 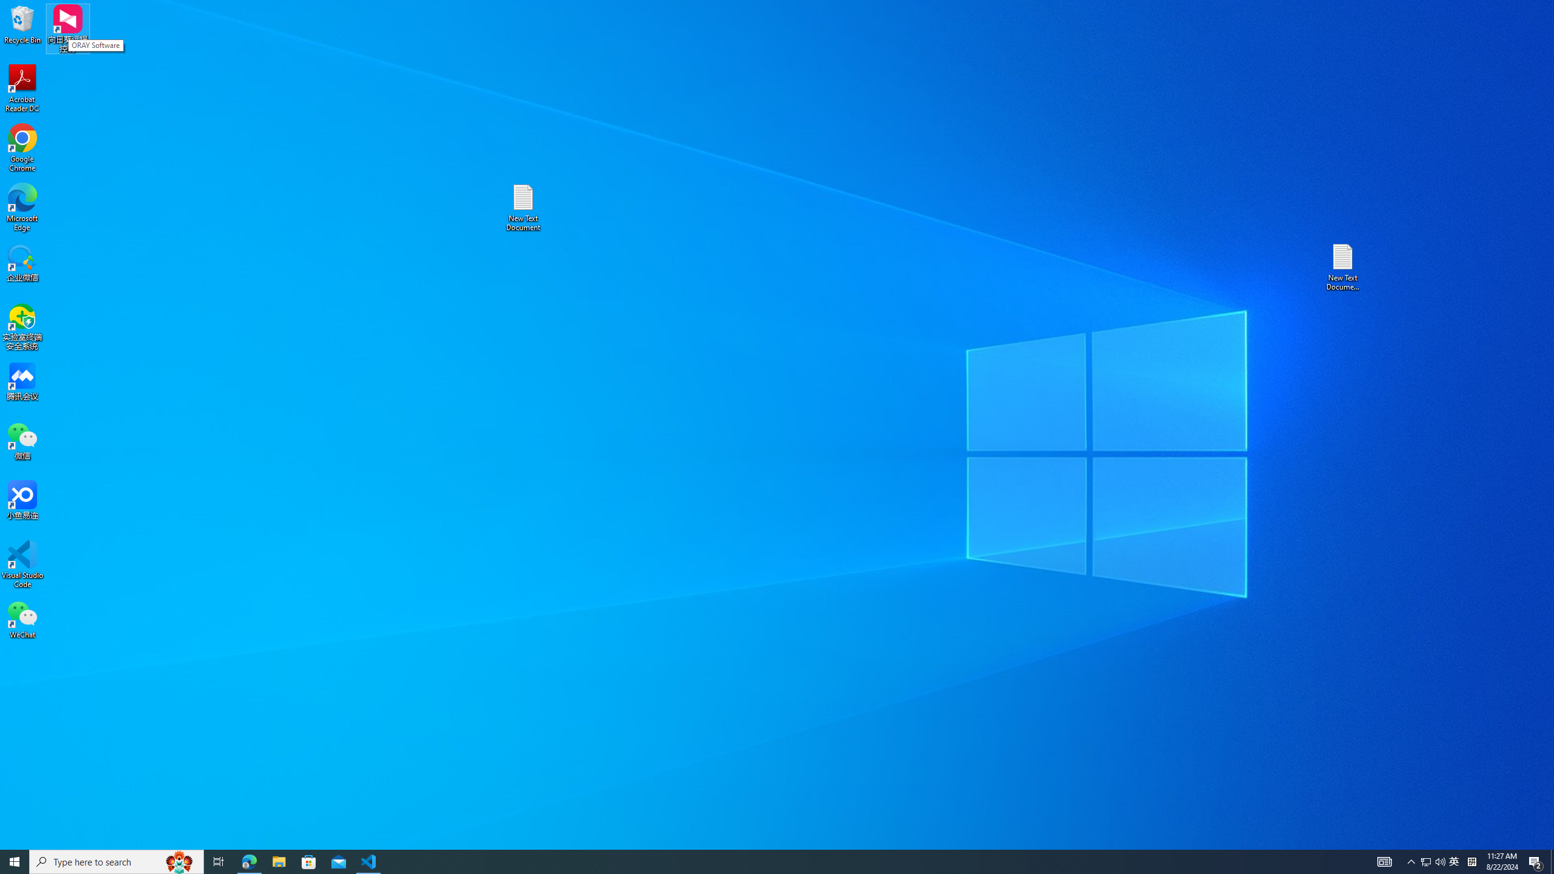 I want to click on 'Acrobat Reader DC', so click(x=22, y=88).